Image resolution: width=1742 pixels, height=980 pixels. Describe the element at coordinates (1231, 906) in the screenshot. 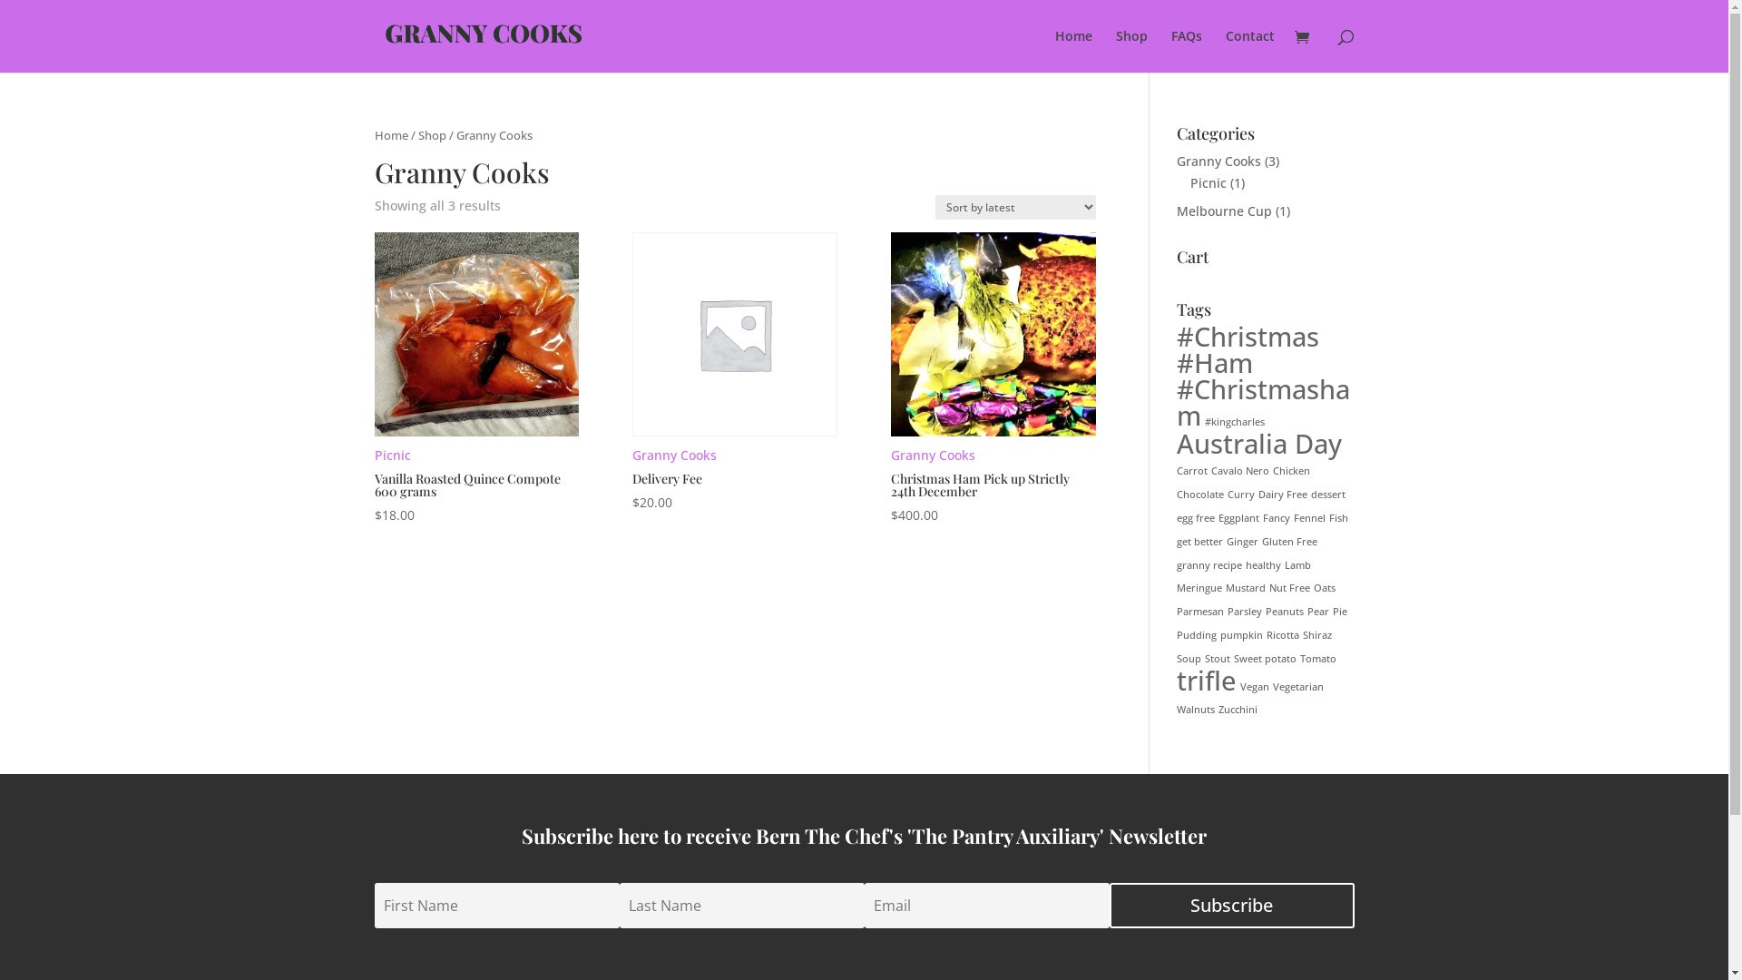

I see `'Subscribe'` at that location.